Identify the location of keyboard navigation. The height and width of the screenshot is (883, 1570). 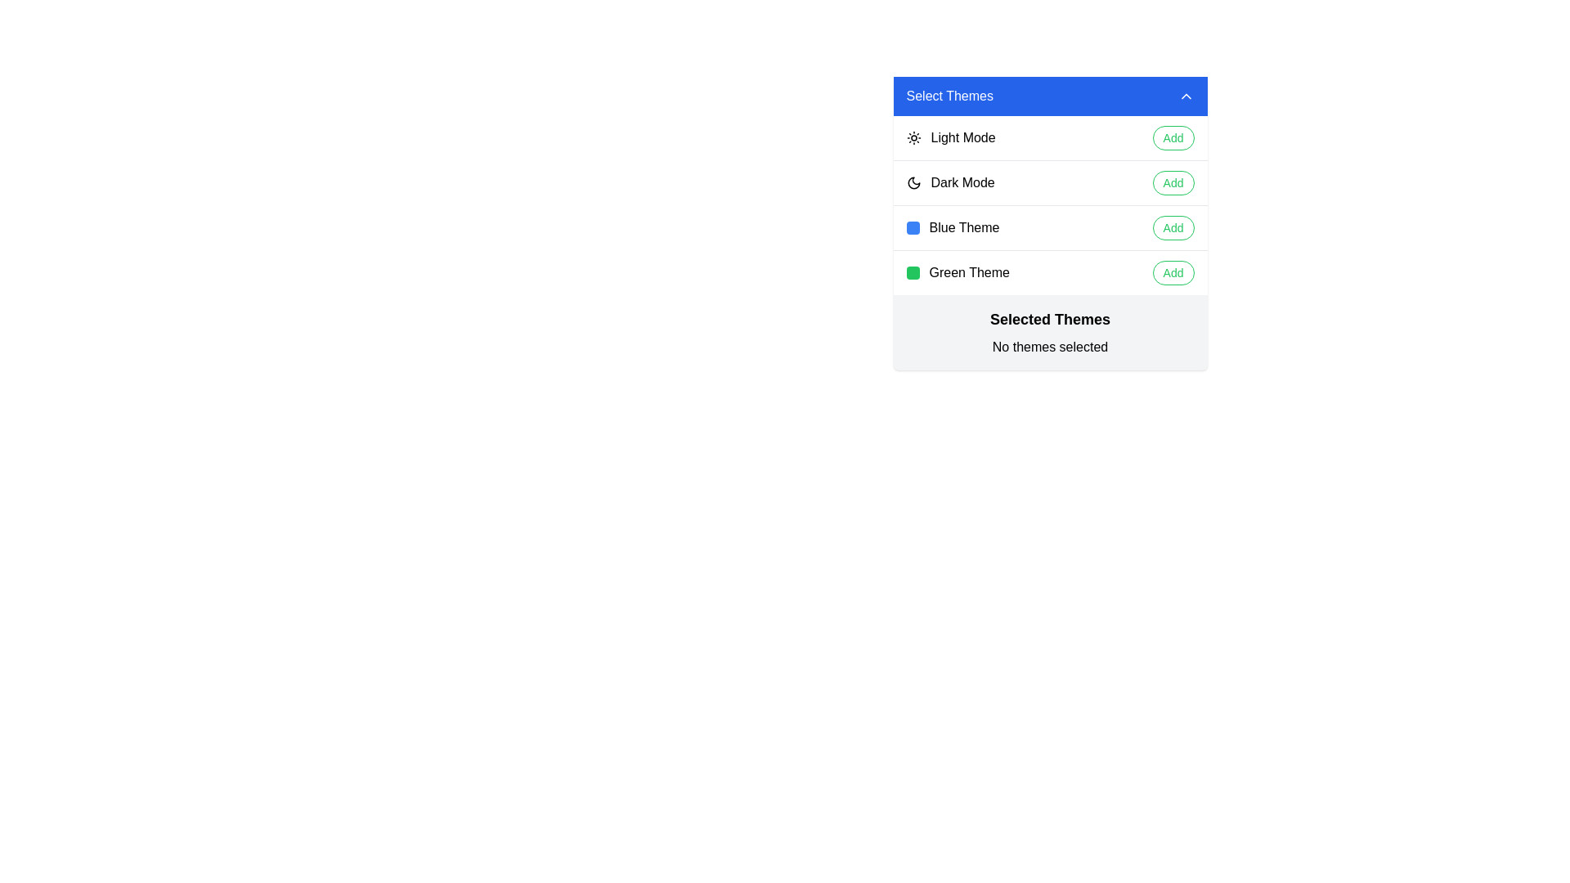
(950, 182).